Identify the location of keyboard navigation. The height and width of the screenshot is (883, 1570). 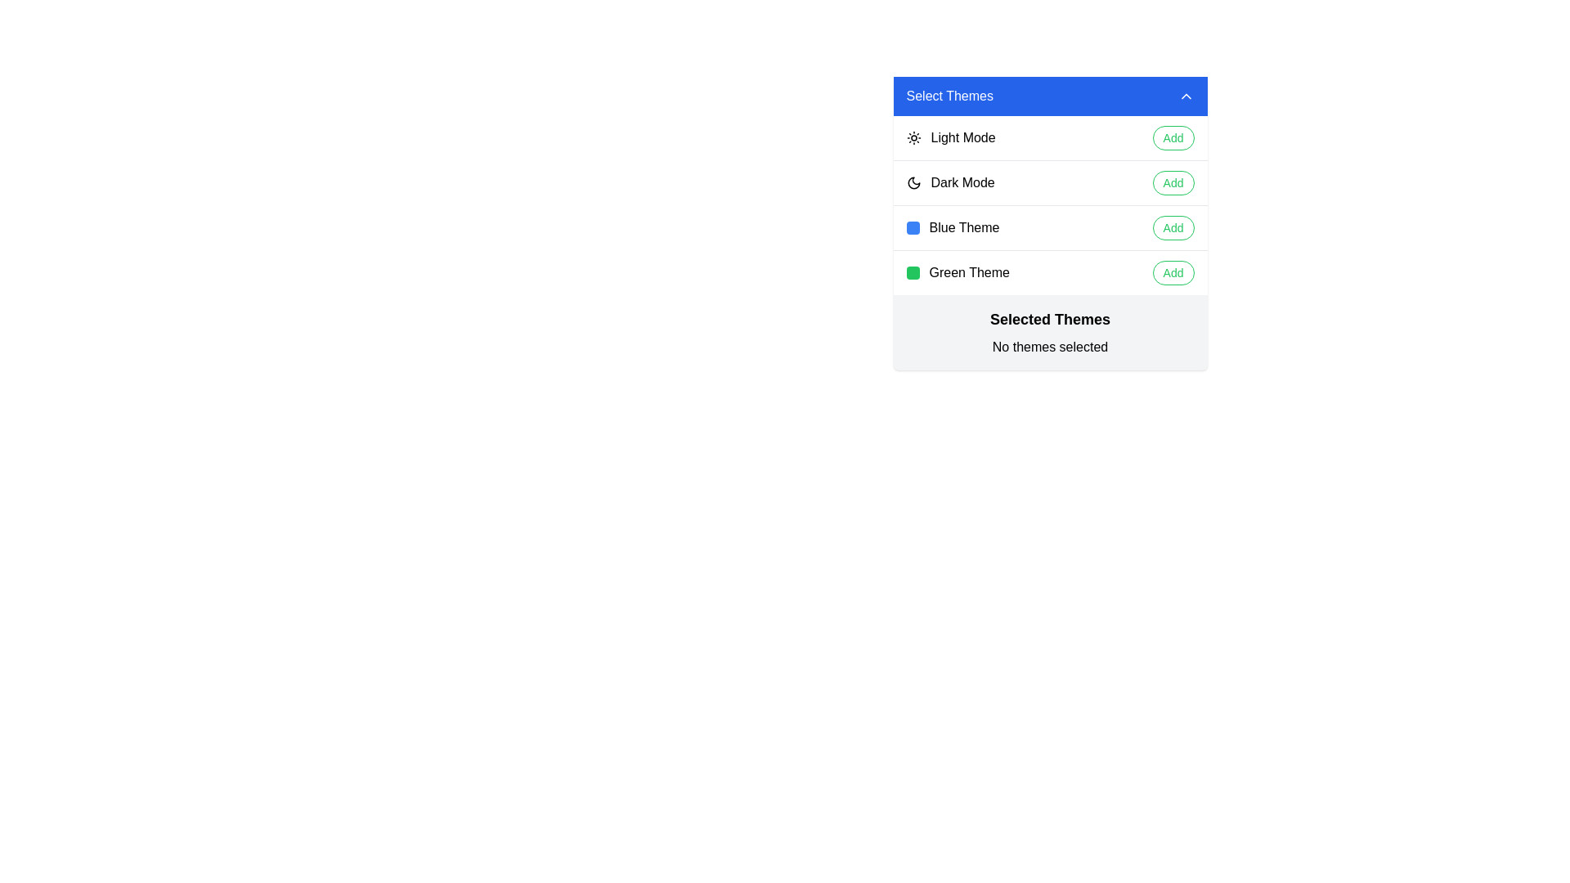
(950, 182).